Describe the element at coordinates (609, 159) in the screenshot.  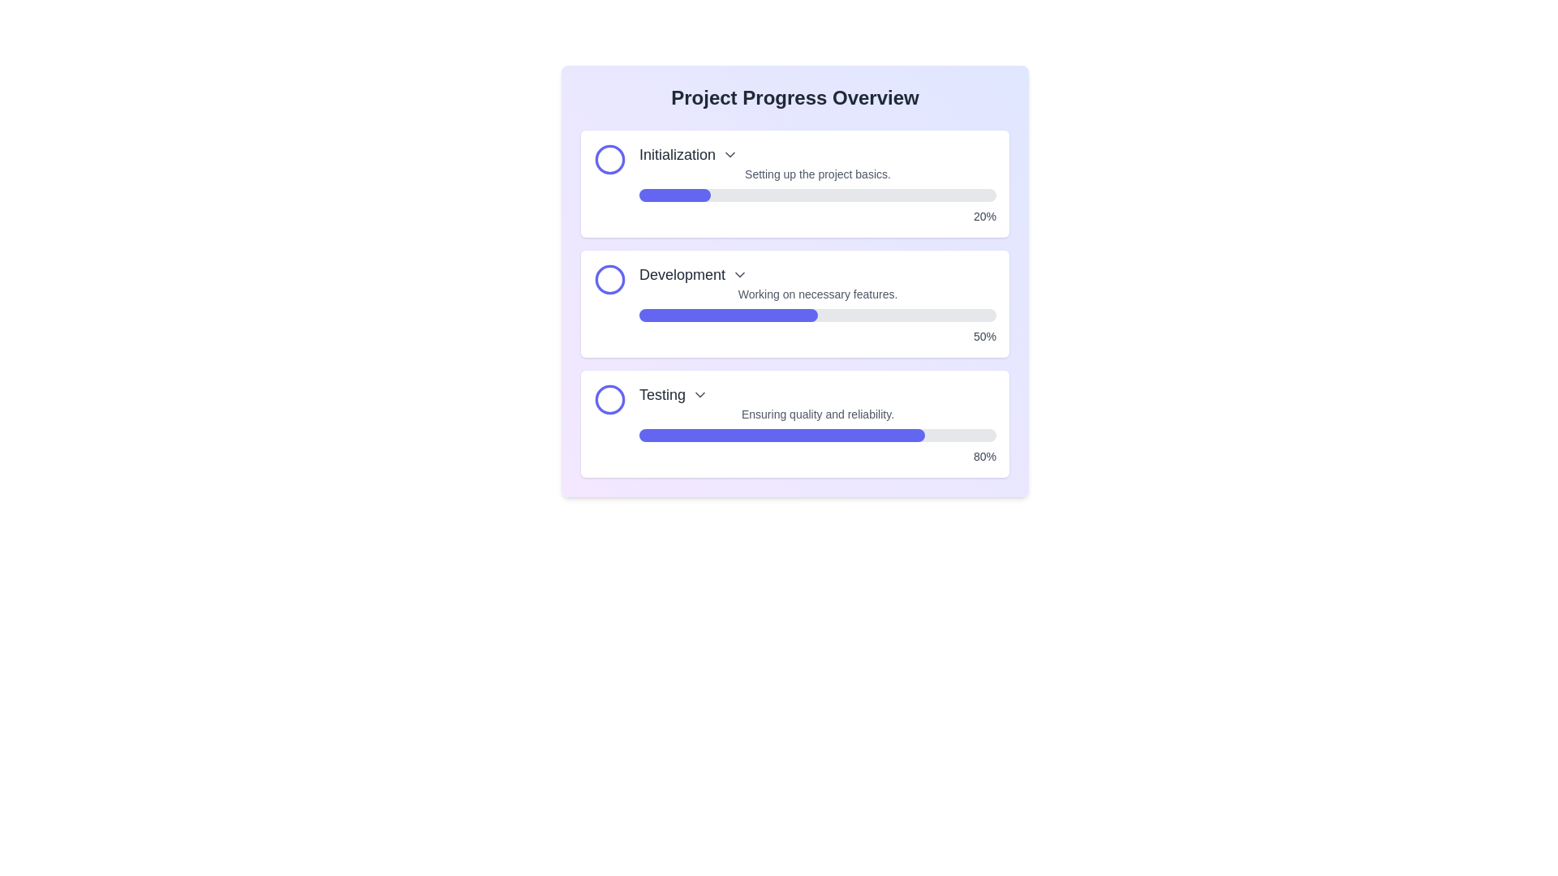
I see `the indigo-colored circular icon with a filled dot in its center, located at the top-left corner of the 'Initialization' section, to interact with it` at that location.